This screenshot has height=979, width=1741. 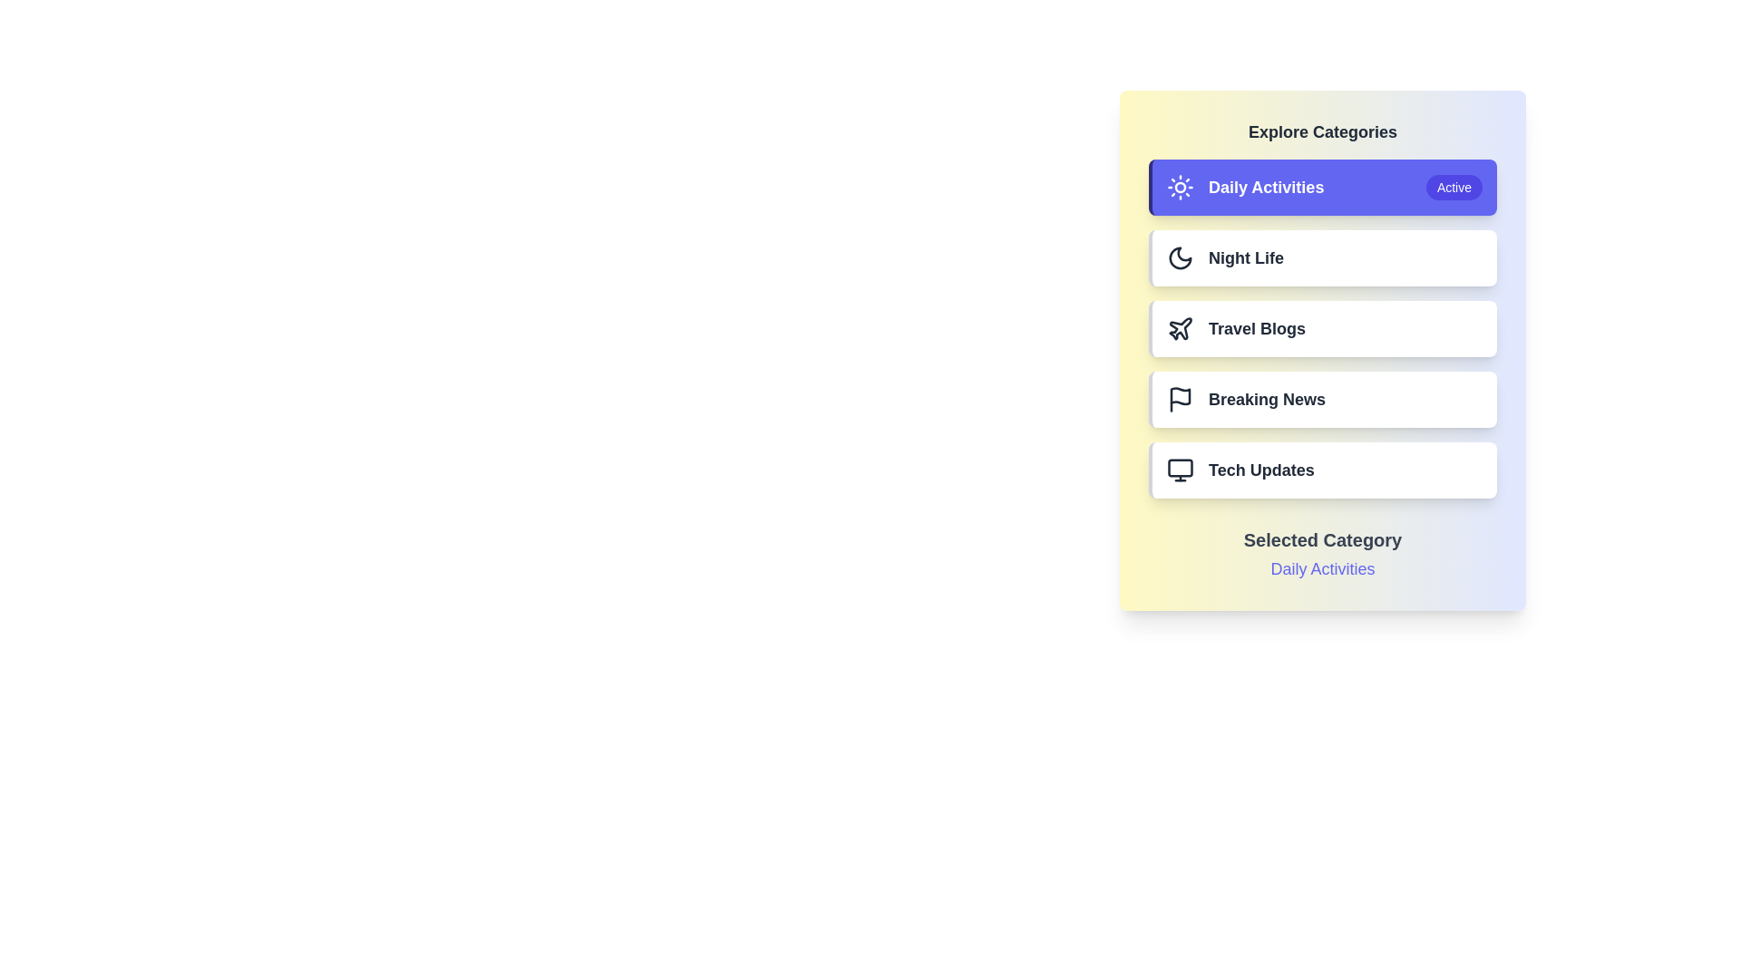 What do you see at coordinates (1323, 398) in the screenshot?
I see `the category button corresponding to Breaking News` at bounding box center [1323, 398].